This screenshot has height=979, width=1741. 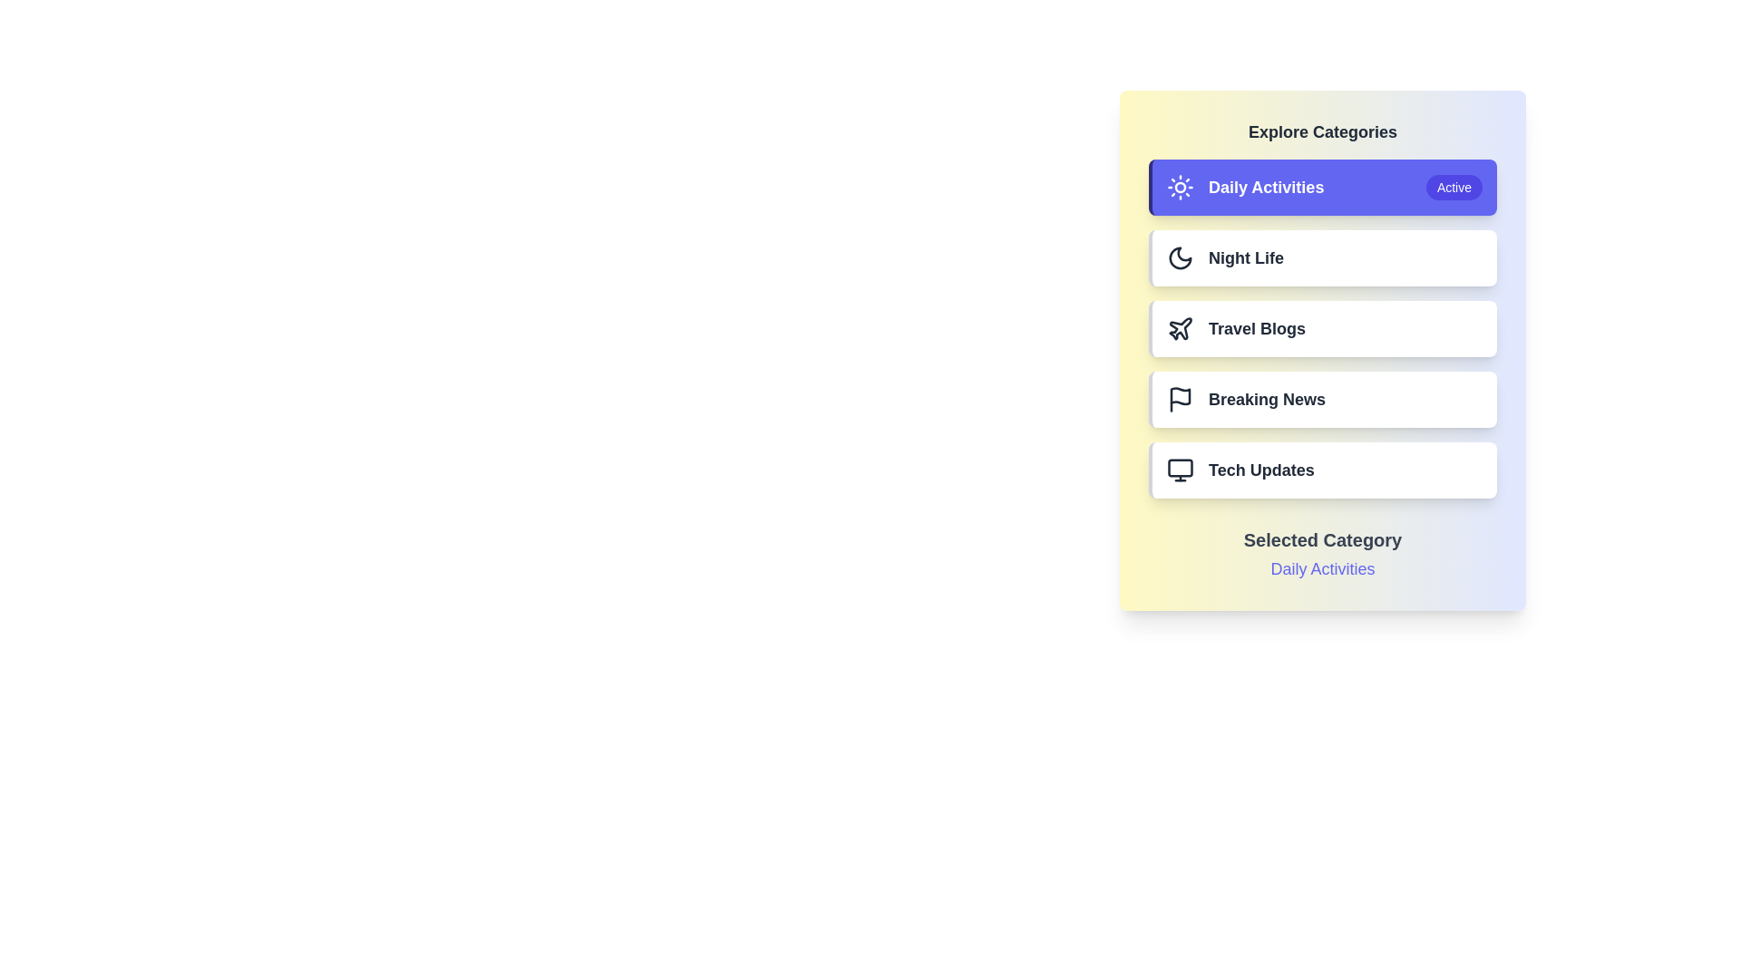 What do you see at coordinates (1323, 398) in the screenshot?
I see `the category button corresponding to Breaking News` at bounding box center [1323, 398].